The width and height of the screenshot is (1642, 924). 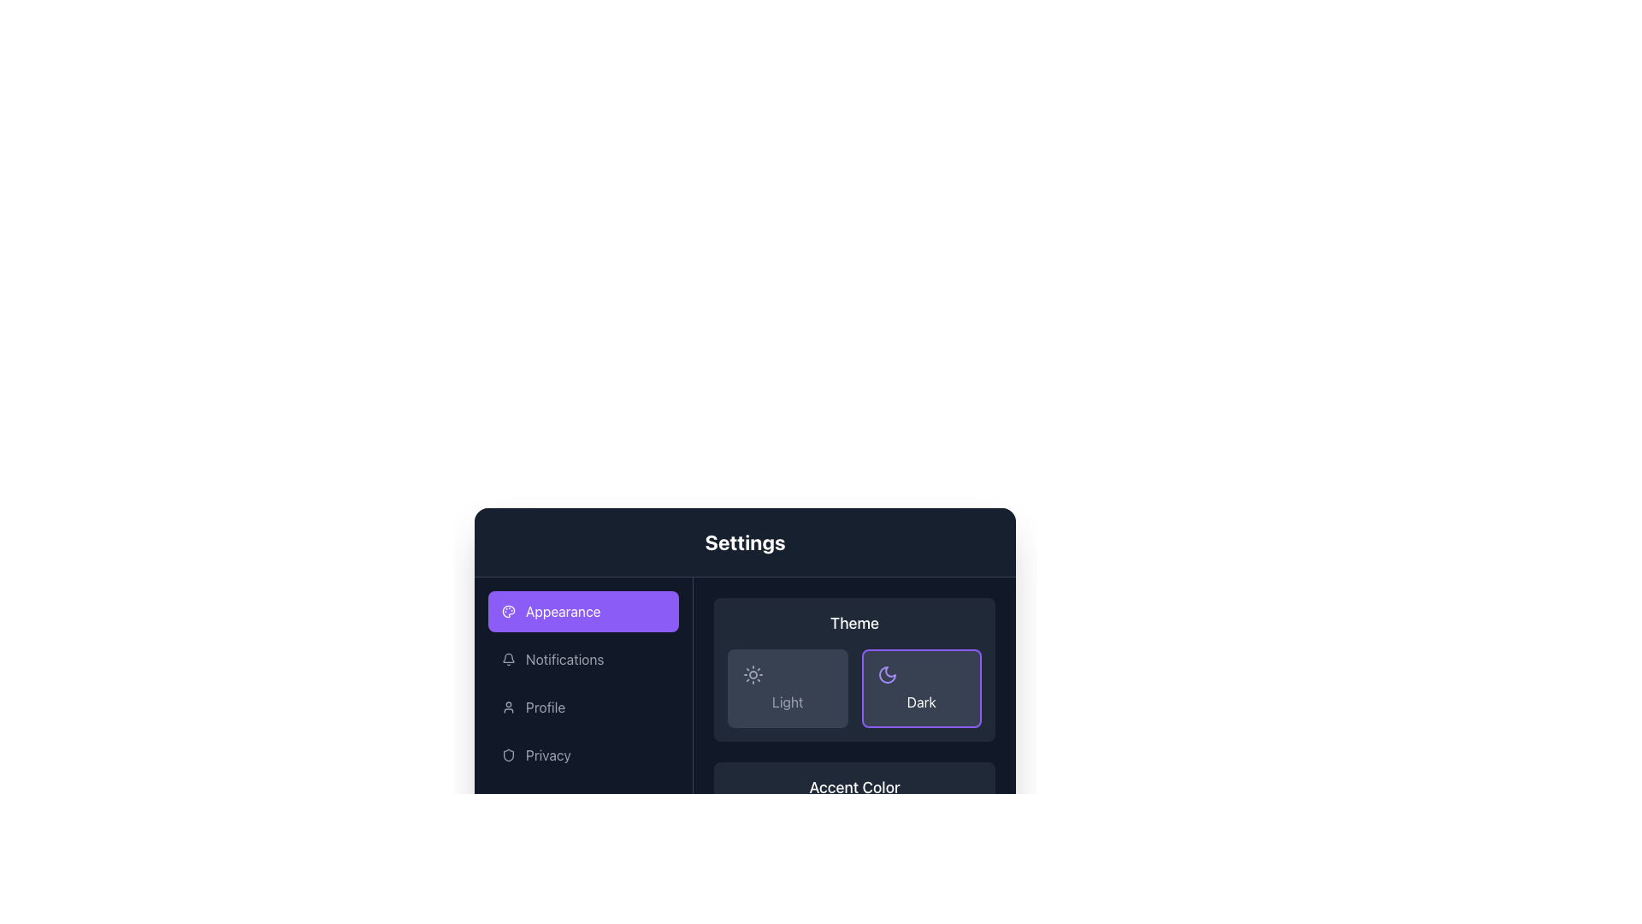 What do you see at coordinates (508, 610) in the screenshot?
I see `the palette icon located in the left sidebar of the Settings interface, which has a purple background and is adjacent to the 'Appearance' text` at bounding box center [508, 610].